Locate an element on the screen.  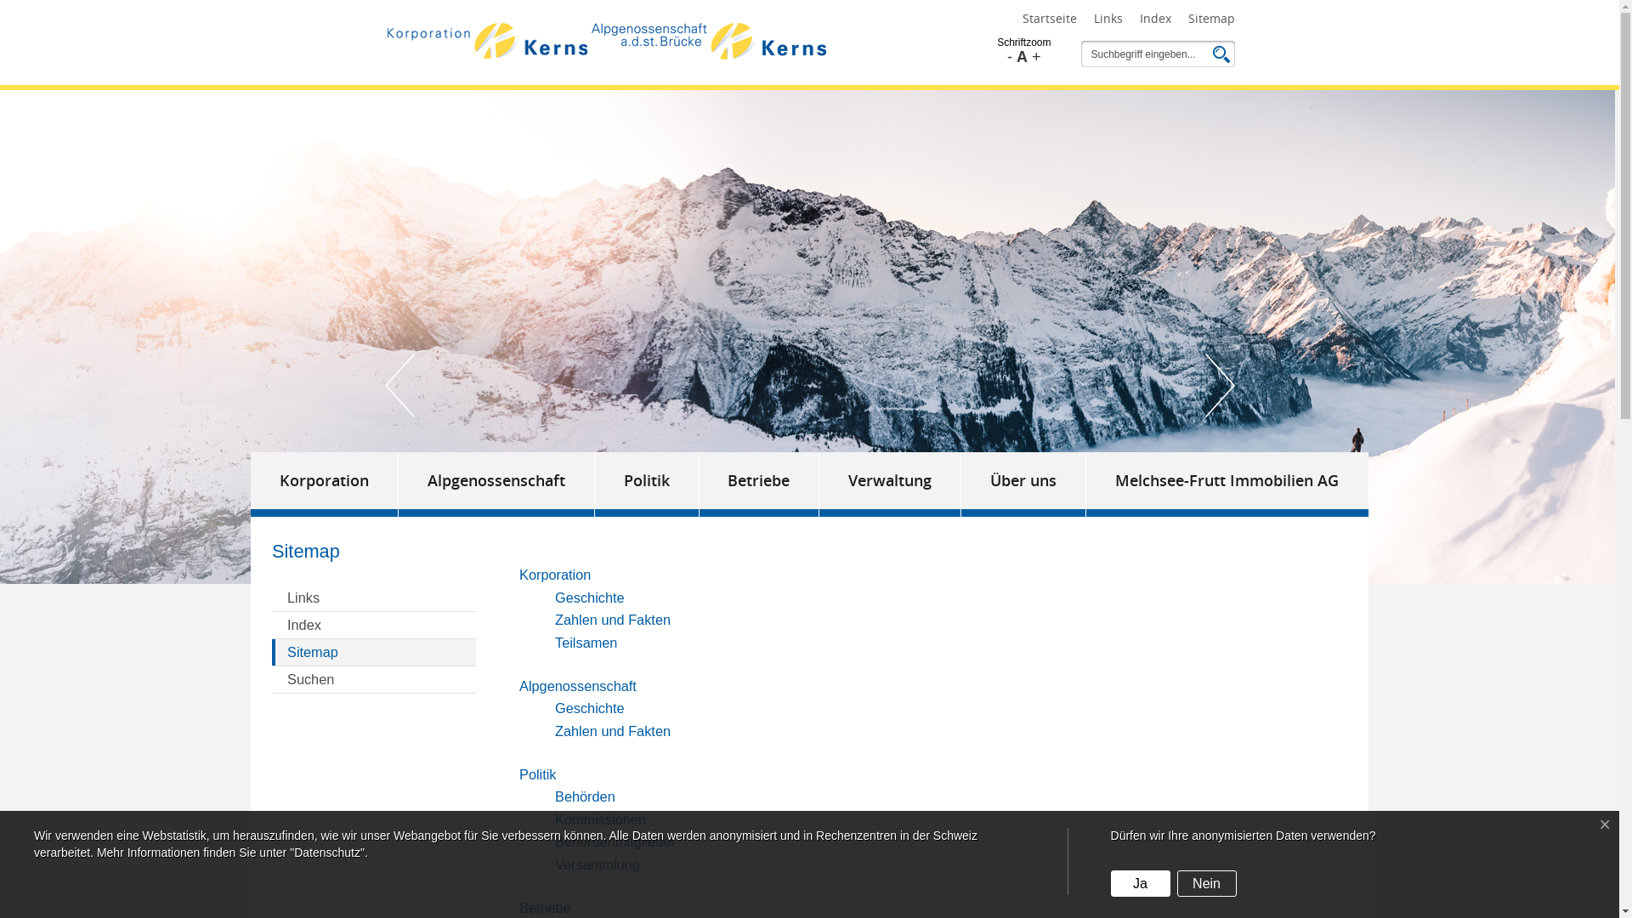
'Suchbegriff eingeben...' is located at coordinates (1146, 54).